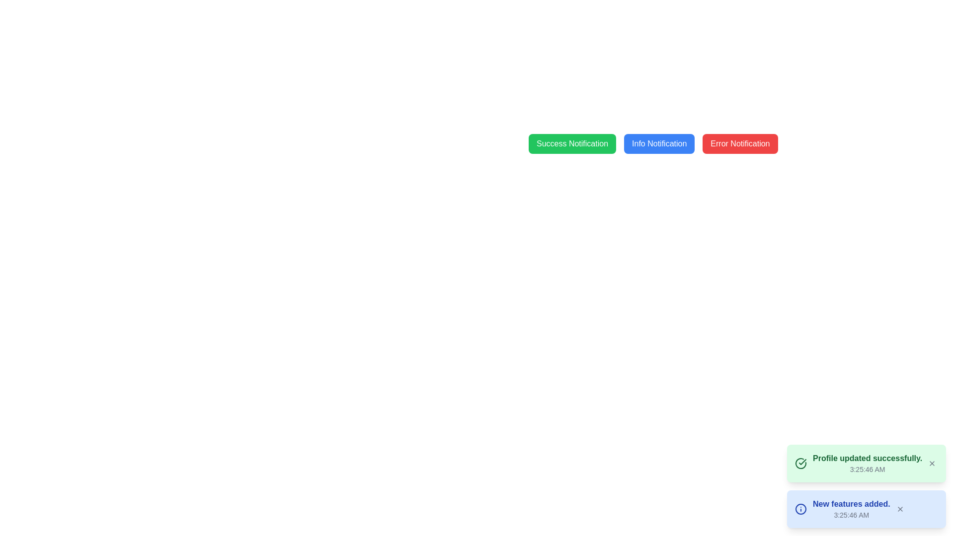 Image resolution: width=954 pixels, height=536 pixels. What do you see at coordinates (900, 509) in the screenshot?
I see `the dismiss button, which is a small 'X' icon located at the far right of the blue notification box containing the text 'New features added.' and '3:25:46 AM'` at bounding box center [900, 509].